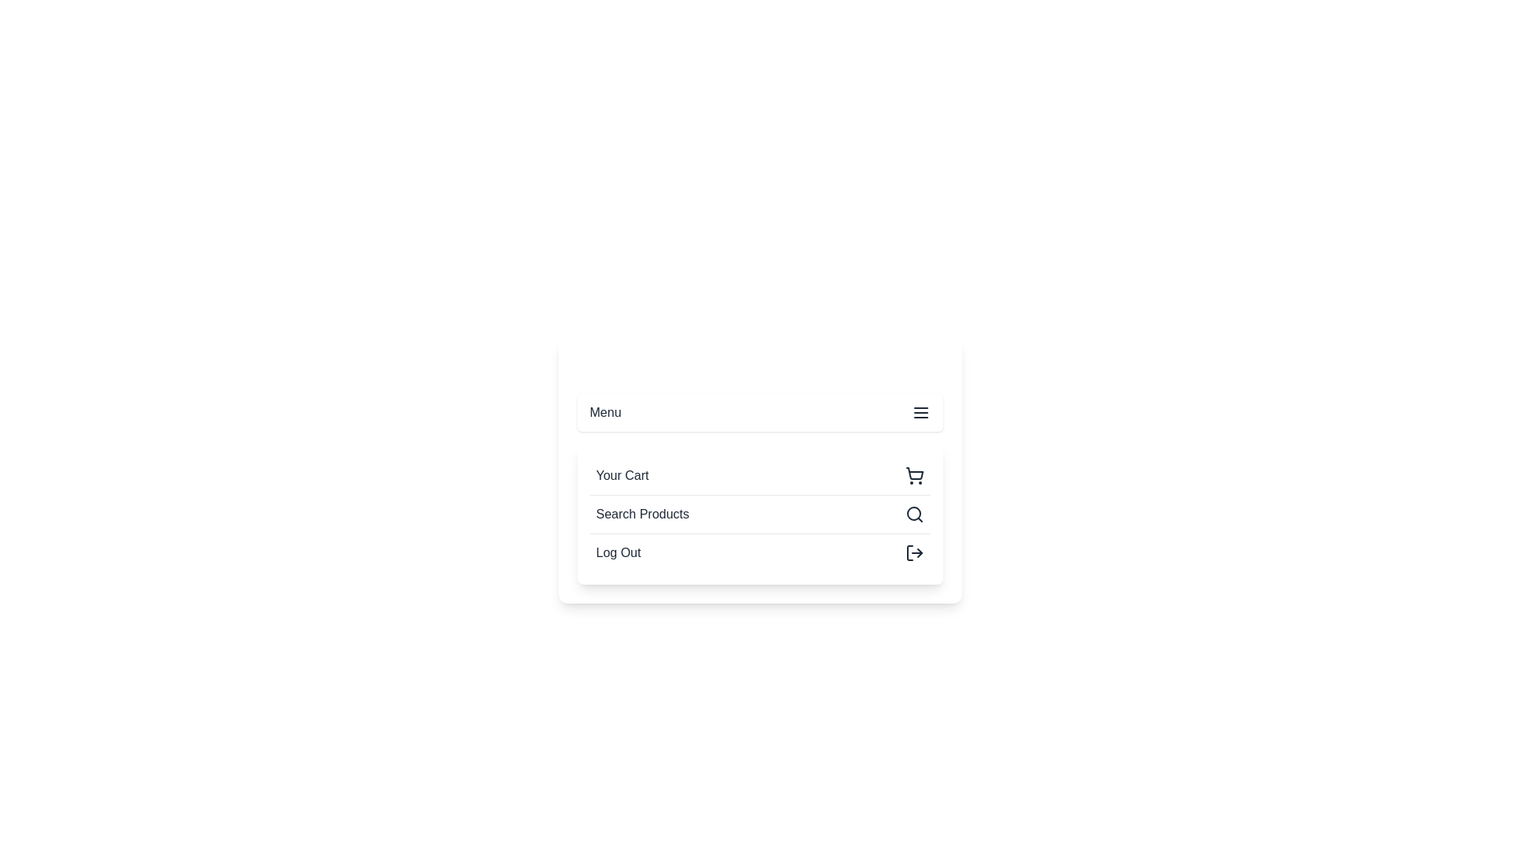 This screenshot has height=851, width=1513. I want to click on the clickable list item labeled 'Your Cart' in the drop-down menu to trigger hover effects, so click(760, 470).